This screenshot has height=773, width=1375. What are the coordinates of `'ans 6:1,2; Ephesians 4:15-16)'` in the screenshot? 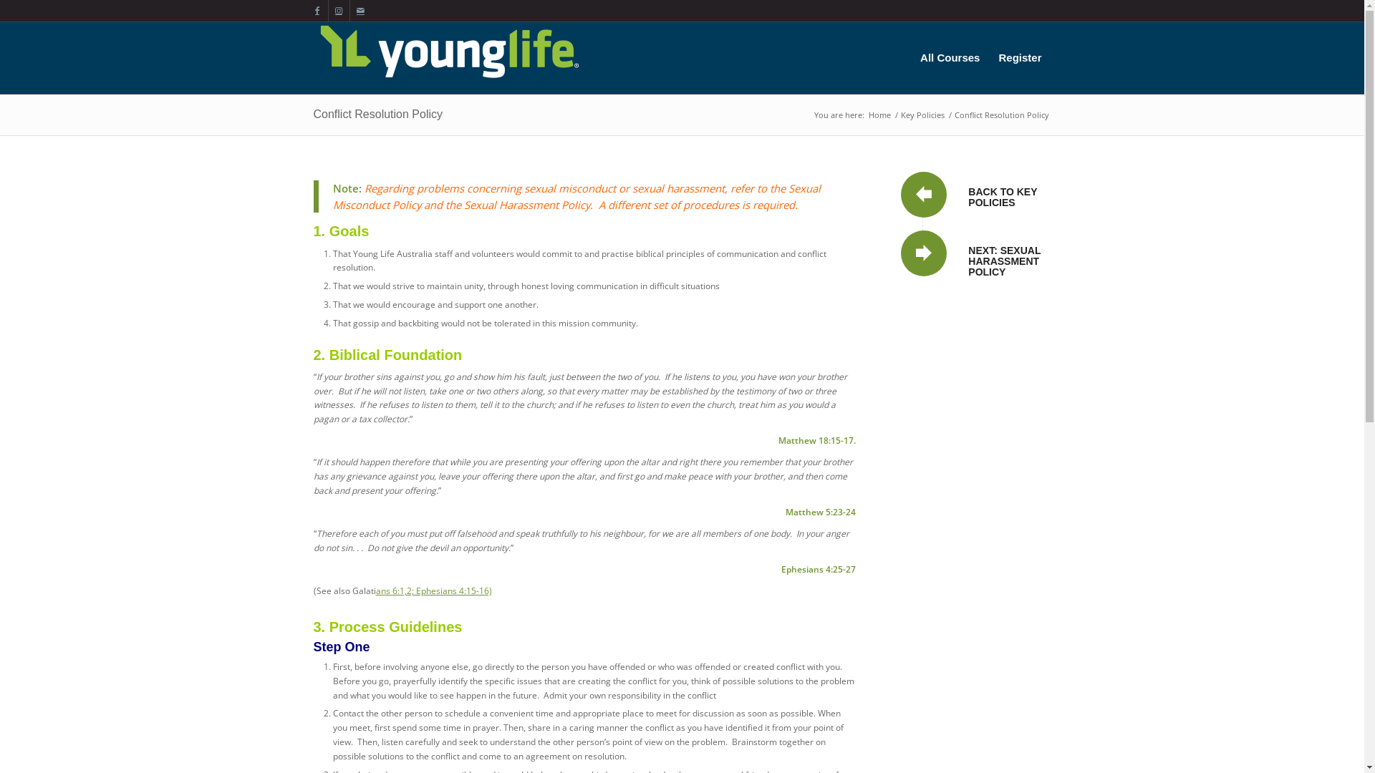 It's located at (375, 590).